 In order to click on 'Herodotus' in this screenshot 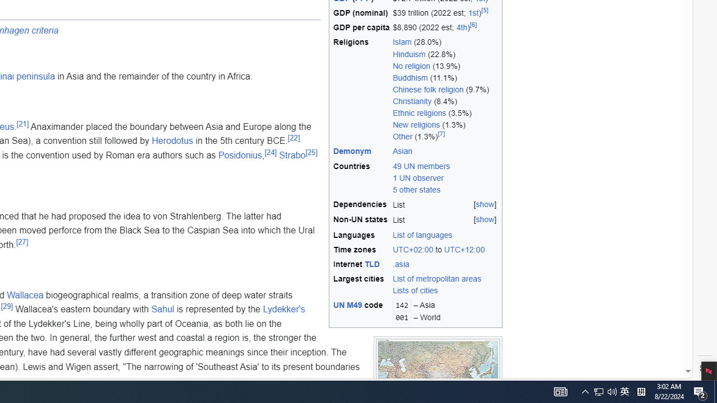, I will do `click(172, 140)`.